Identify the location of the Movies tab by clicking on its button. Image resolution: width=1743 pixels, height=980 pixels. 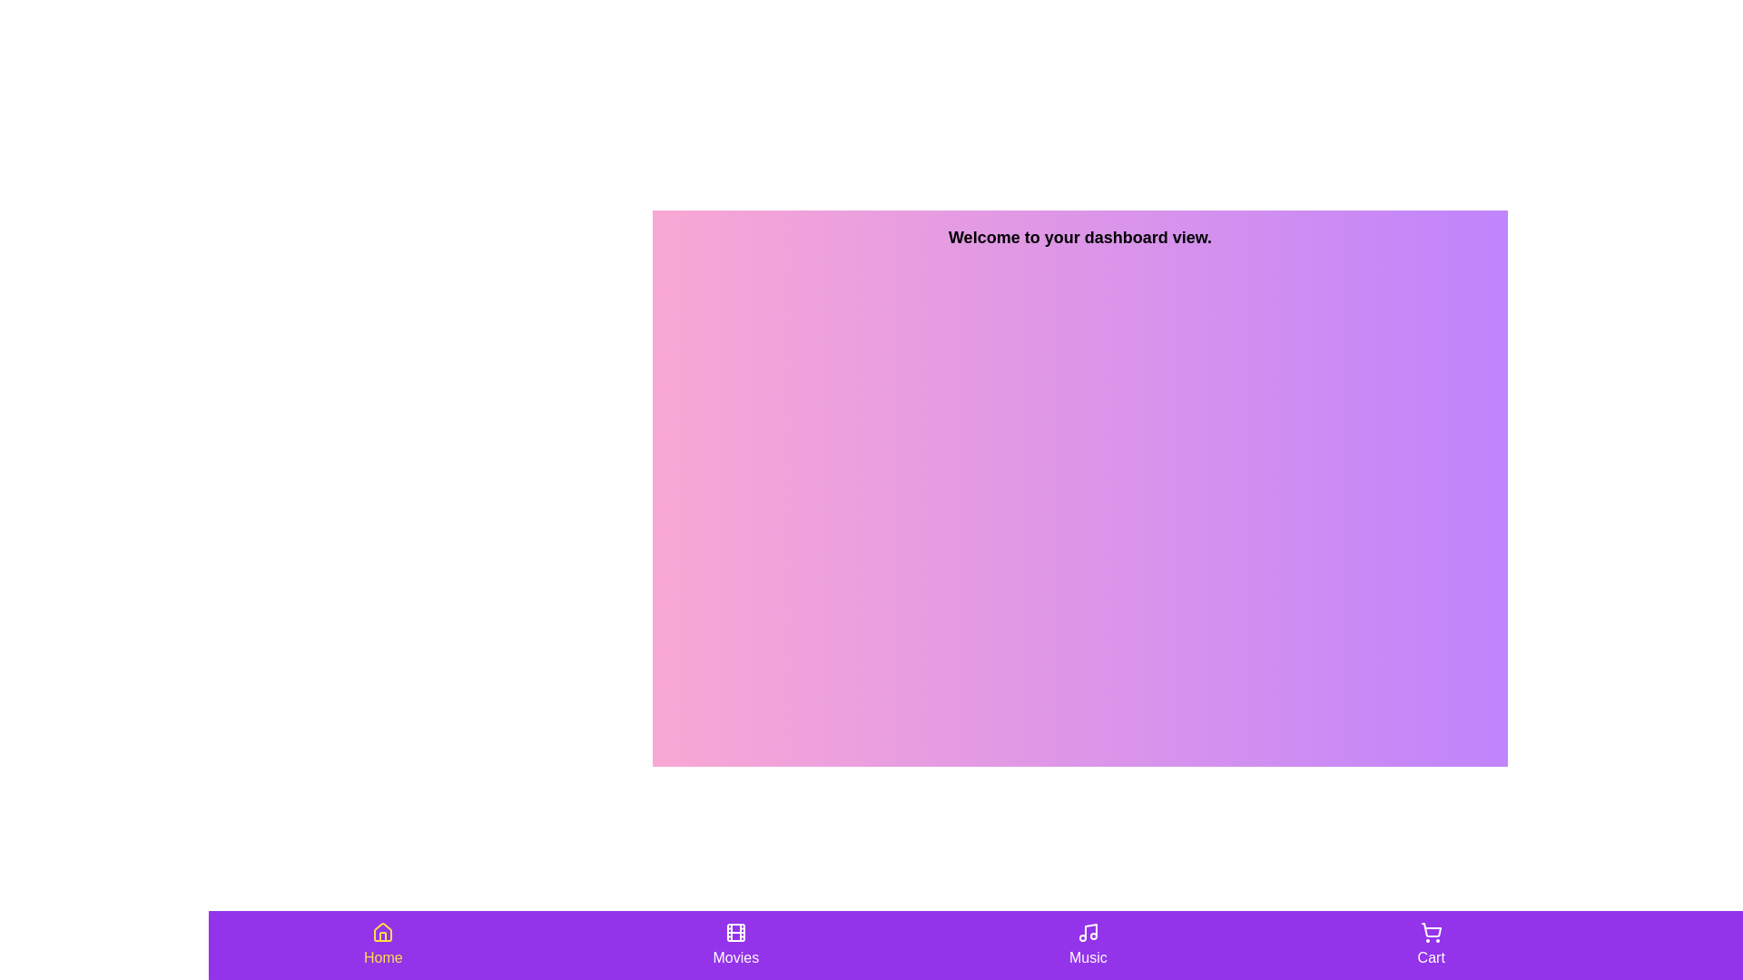
(735, 944).